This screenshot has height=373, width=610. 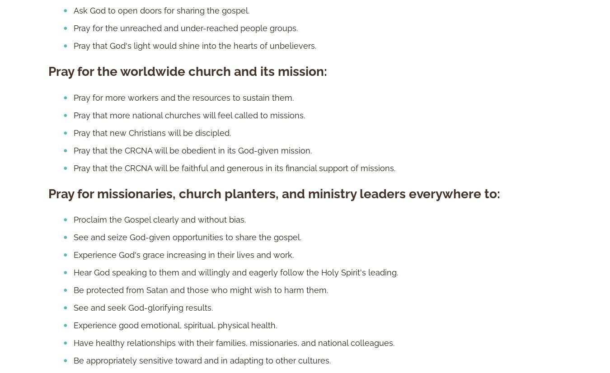 I want to click on 'Subscribe', so click(x=219, y=122).